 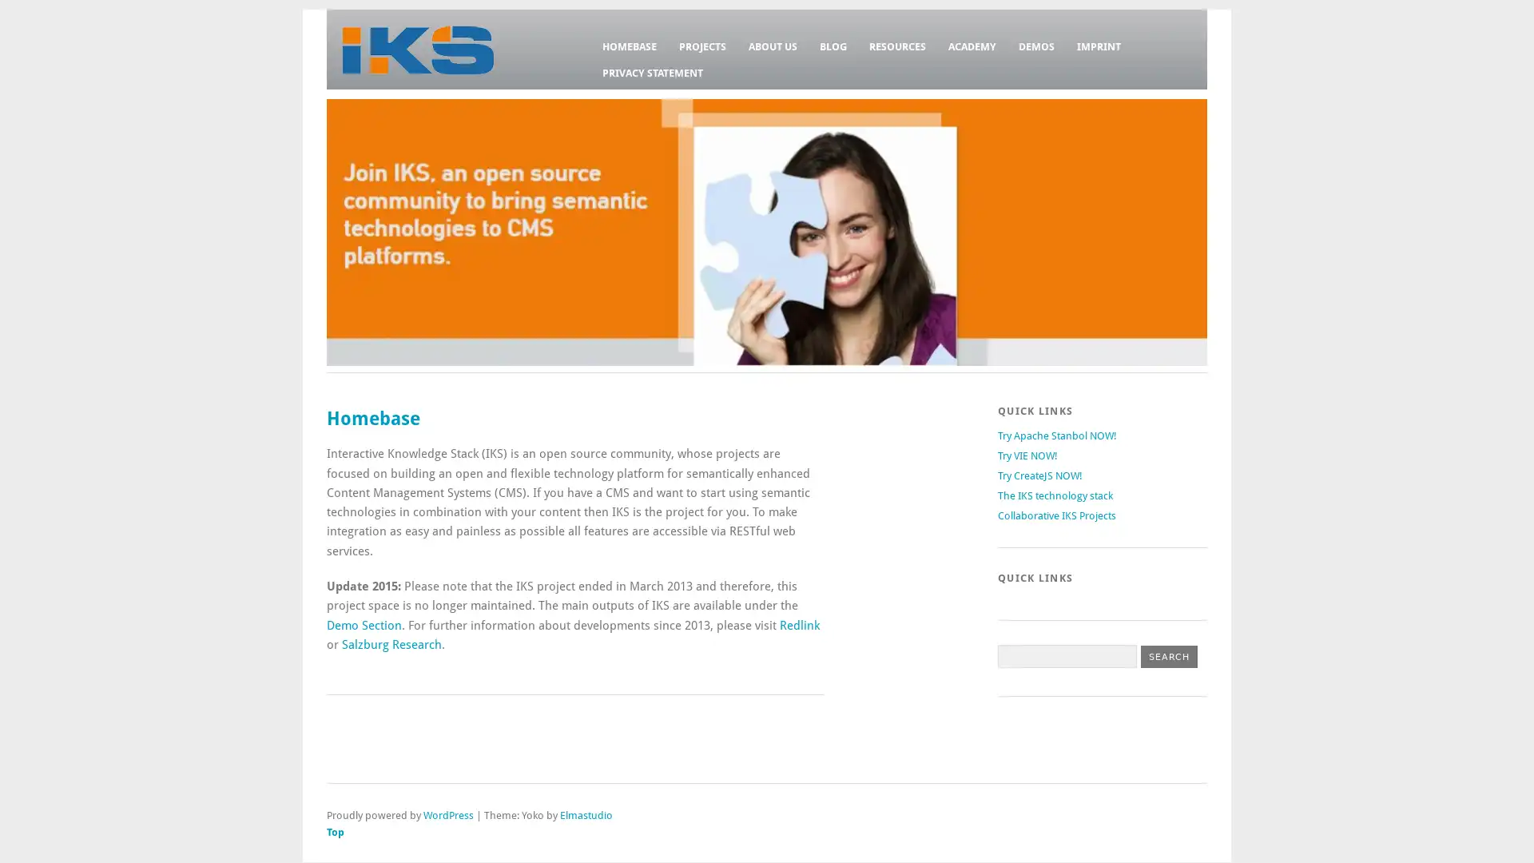 I want to click on Search, so click(x=1169, y=656).